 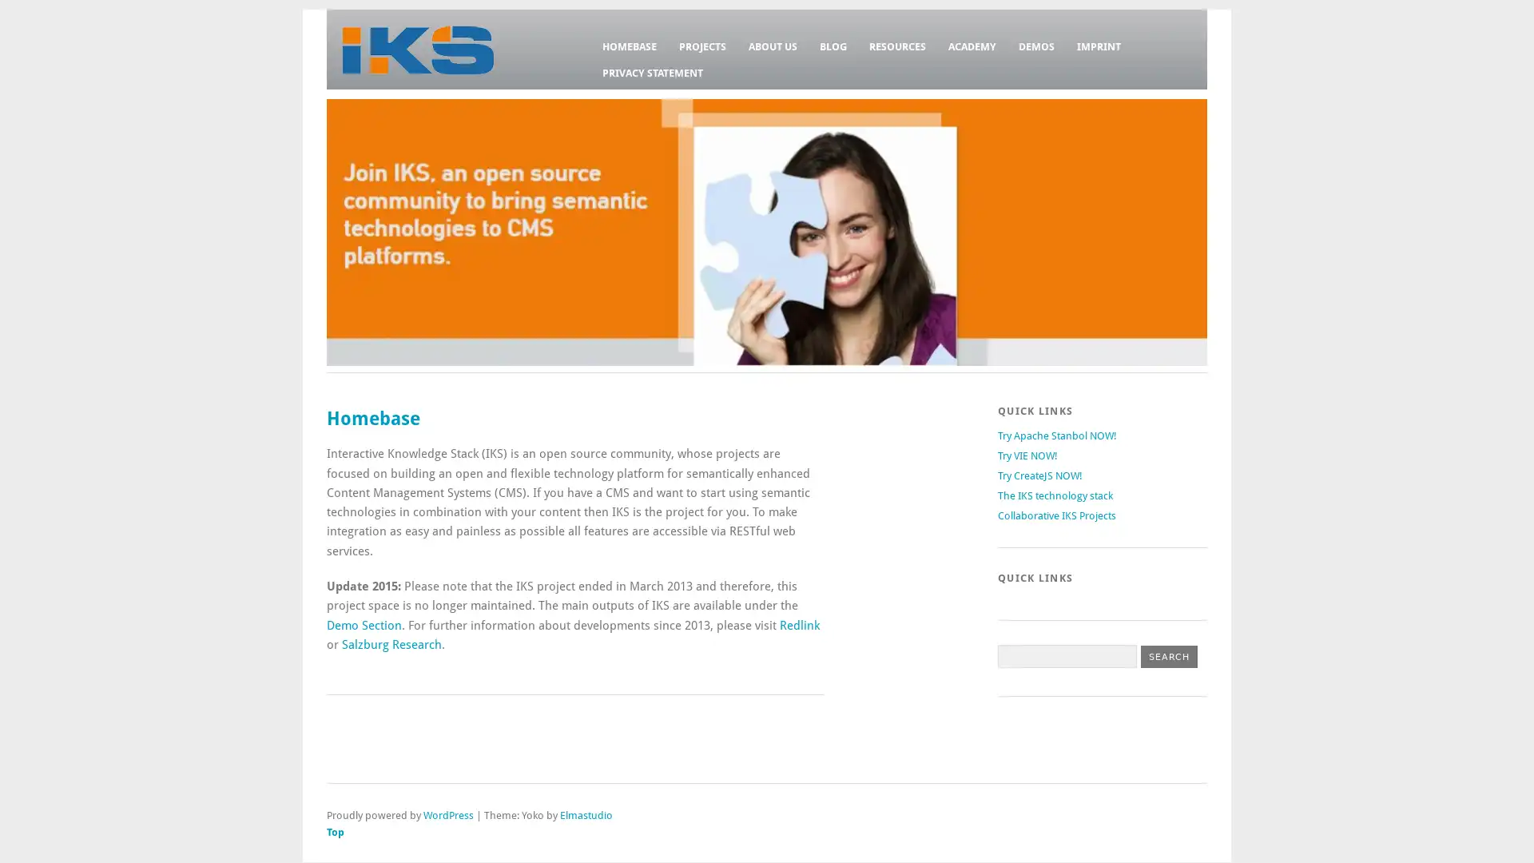 I want to click on Search, so click(x=1169, y=656).